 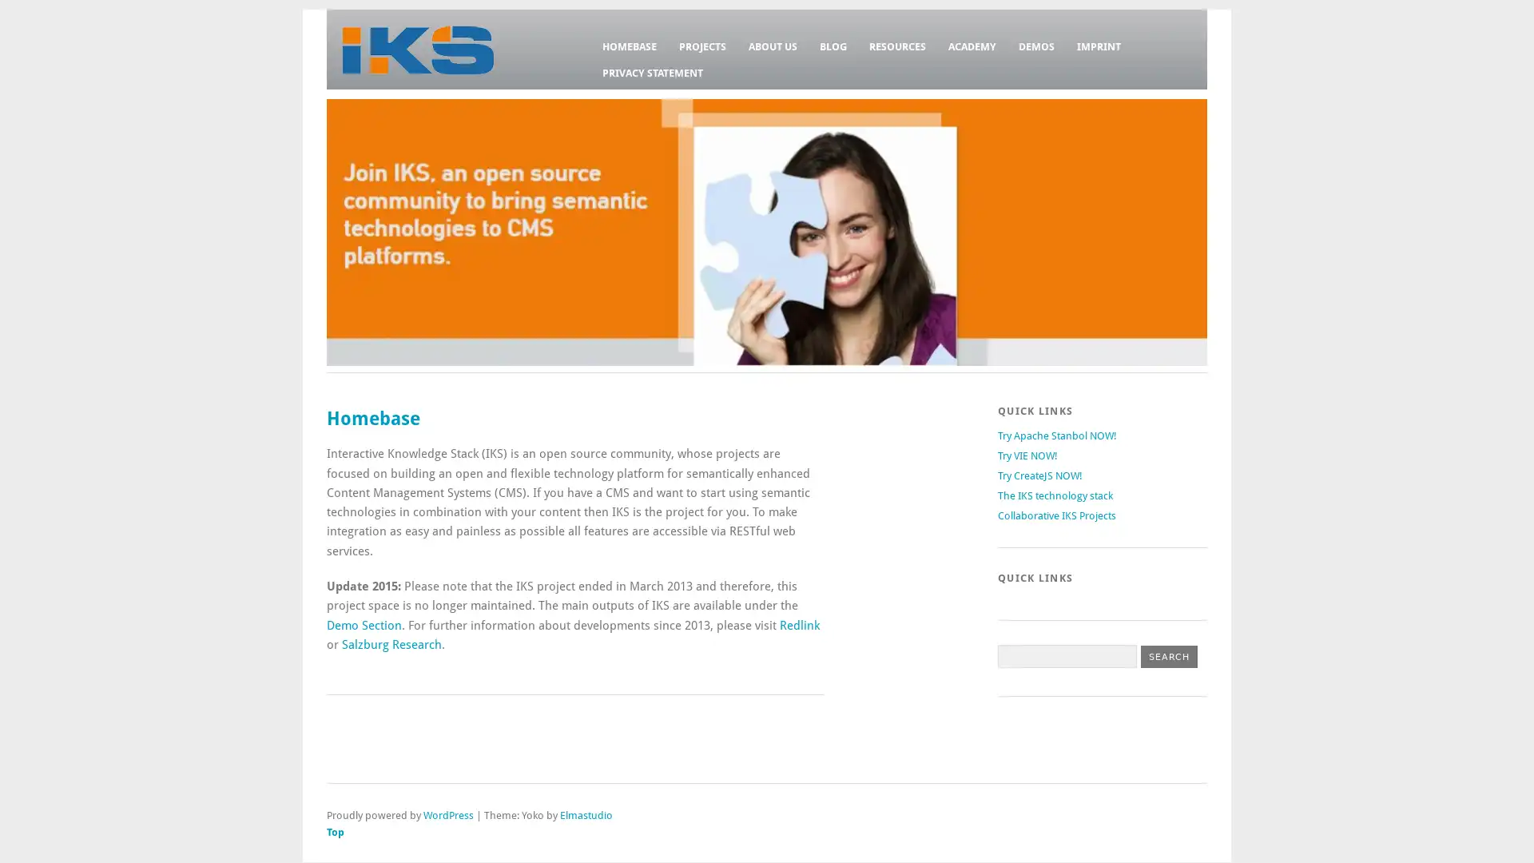 I want to click on Search, so click(x=1169, y=656).